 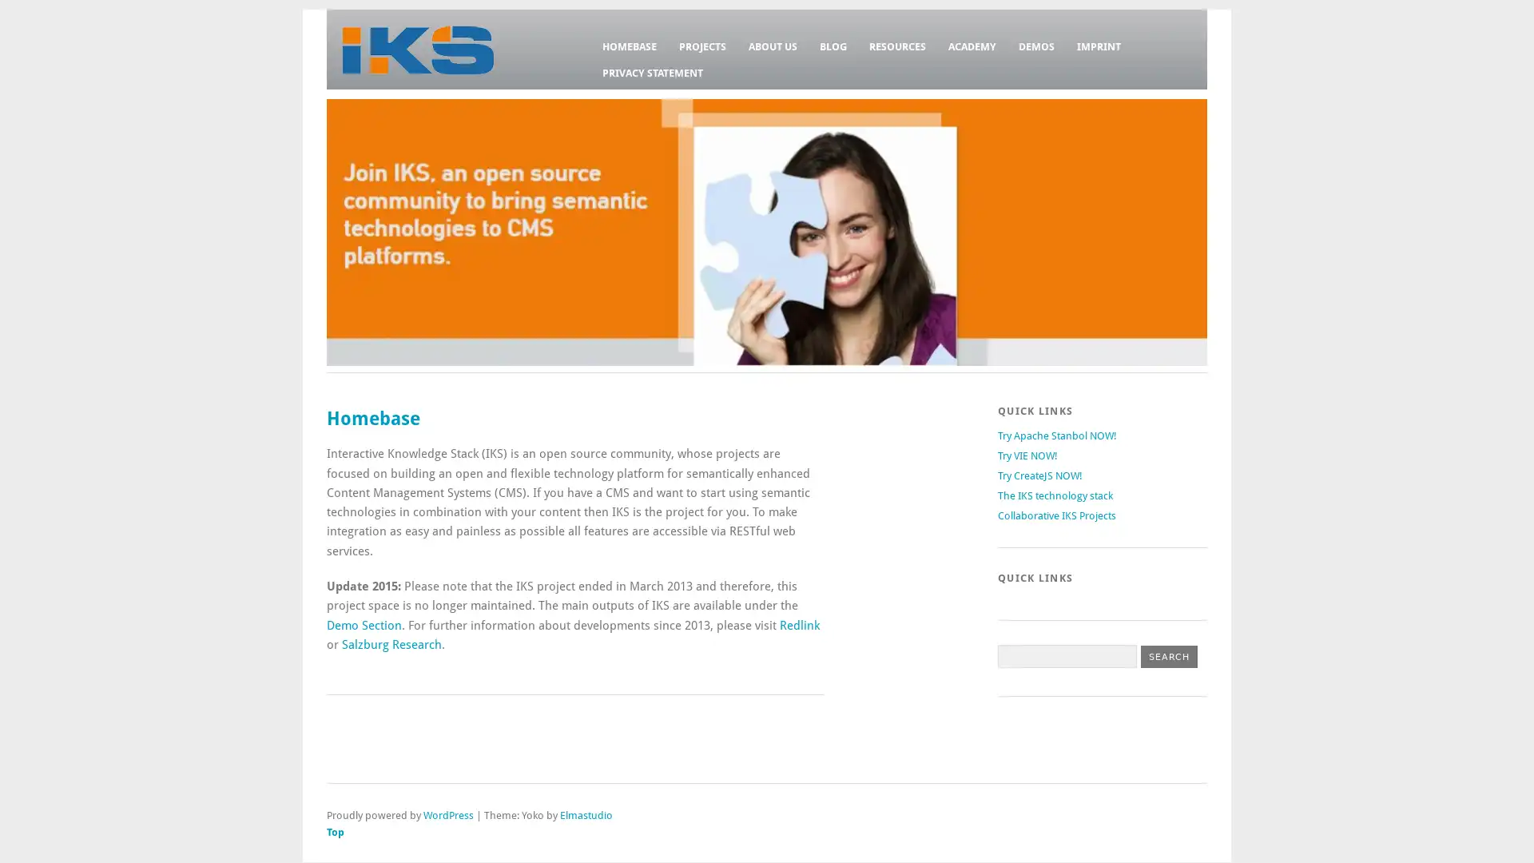 I want to click on Search, so click(x=1169, y=656).